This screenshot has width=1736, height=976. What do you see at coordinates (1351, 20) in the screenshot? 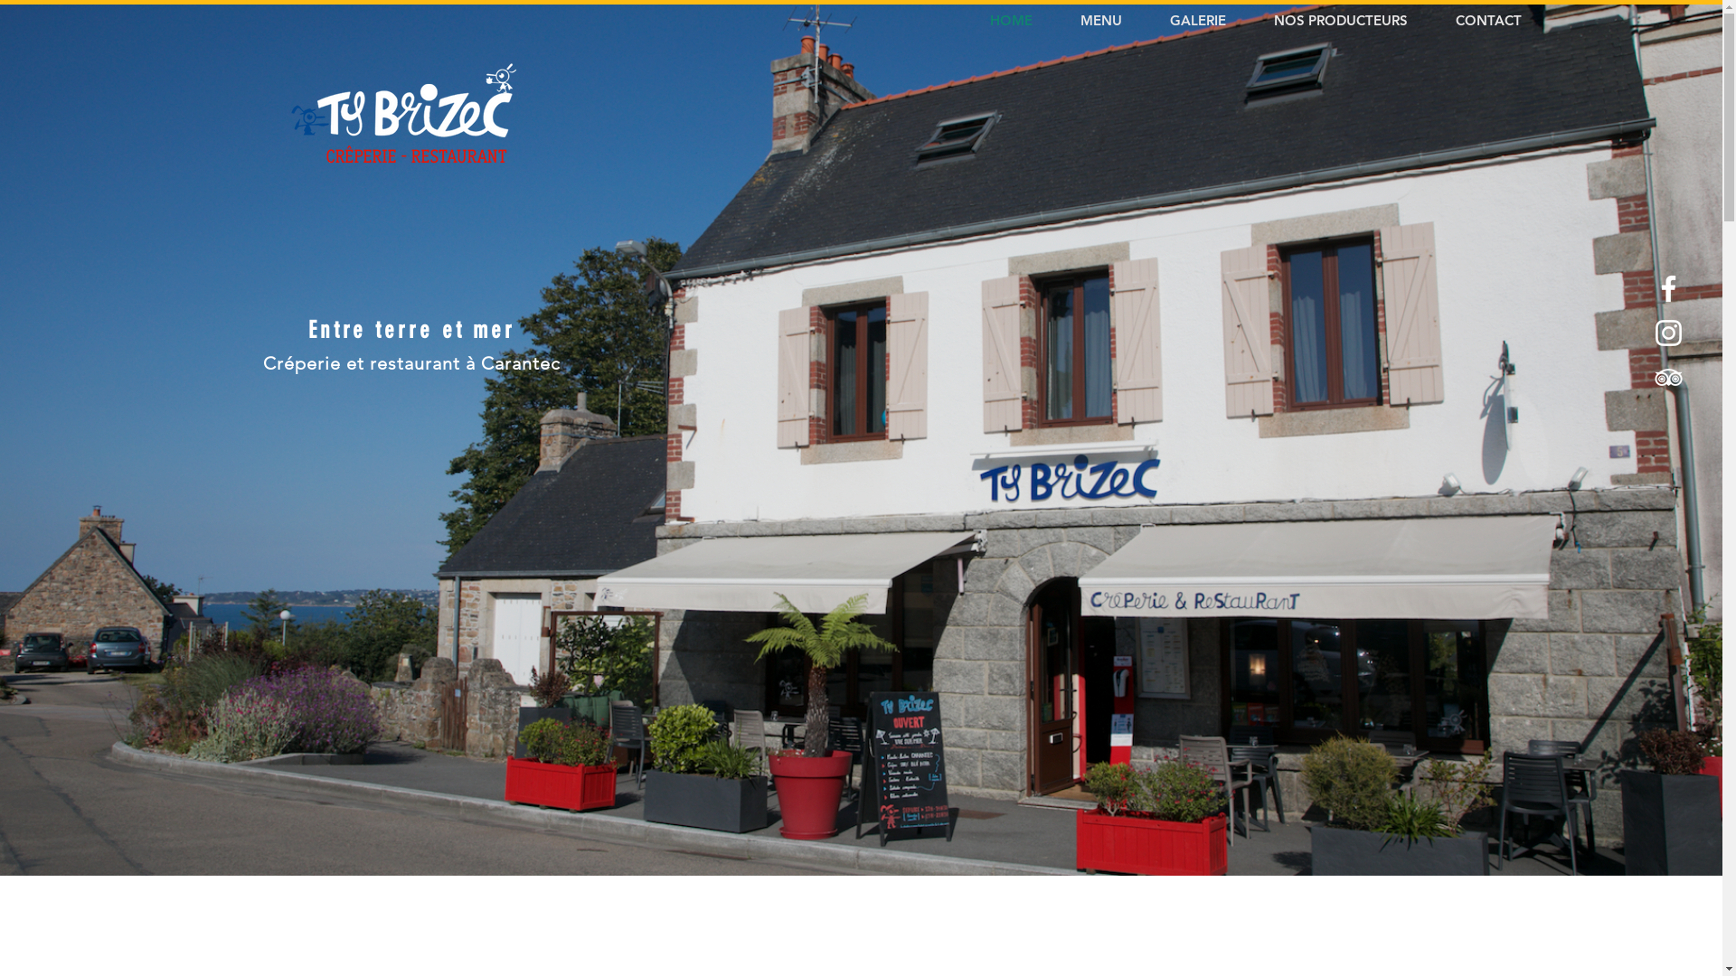
I see `'NOS PRODUCTEURS'` at bounding box center [1351, 20].